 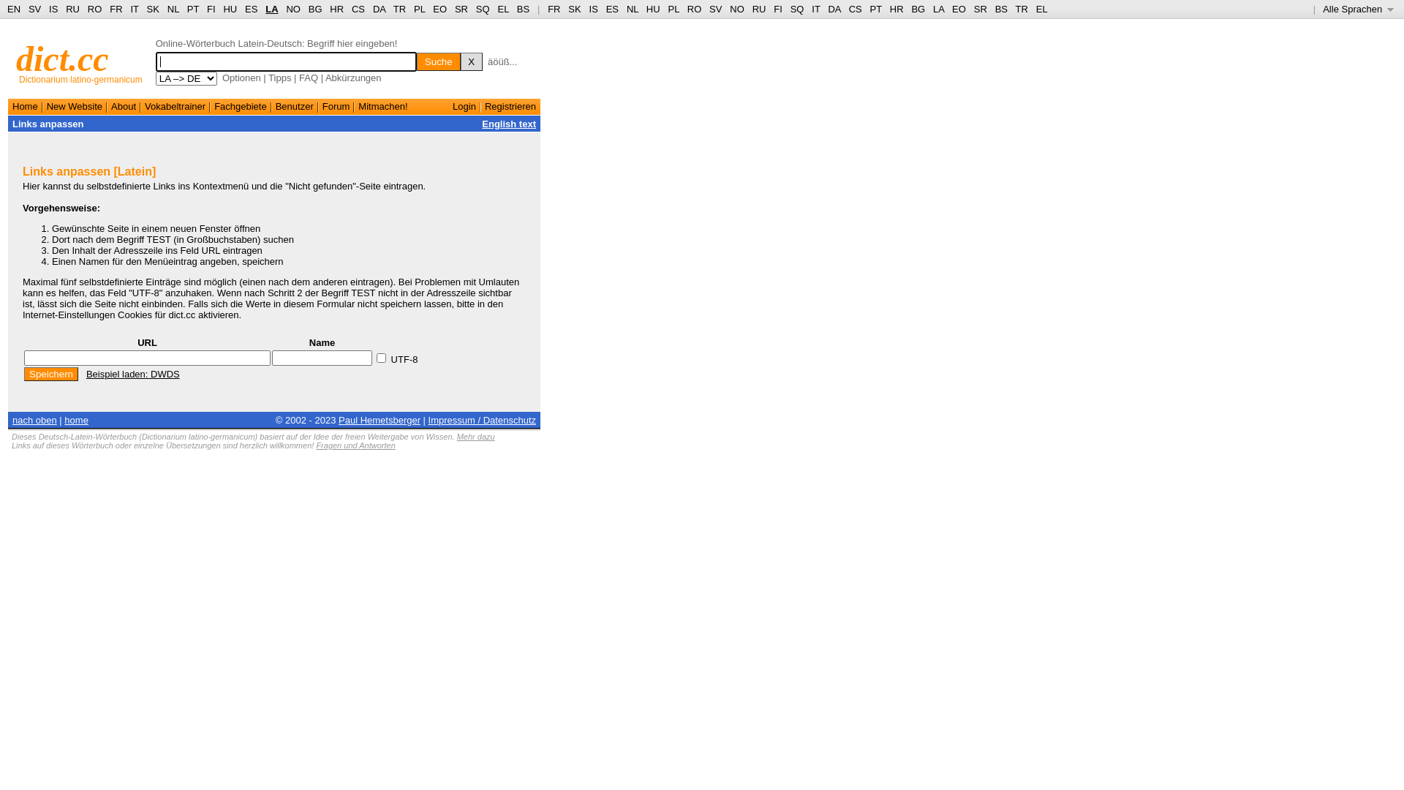 What do you see at coordinates (694, 9) in the screenshot?
I see `'RO'` at bounding box center [694, 9].